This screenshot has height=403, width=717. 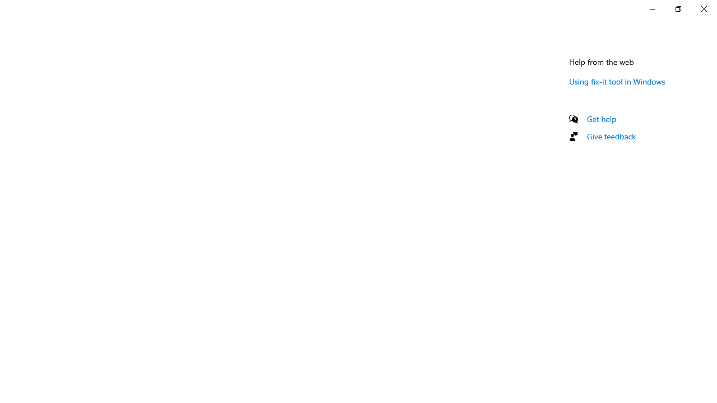 I want to click on 'Get help', so click(x=601, y=119).